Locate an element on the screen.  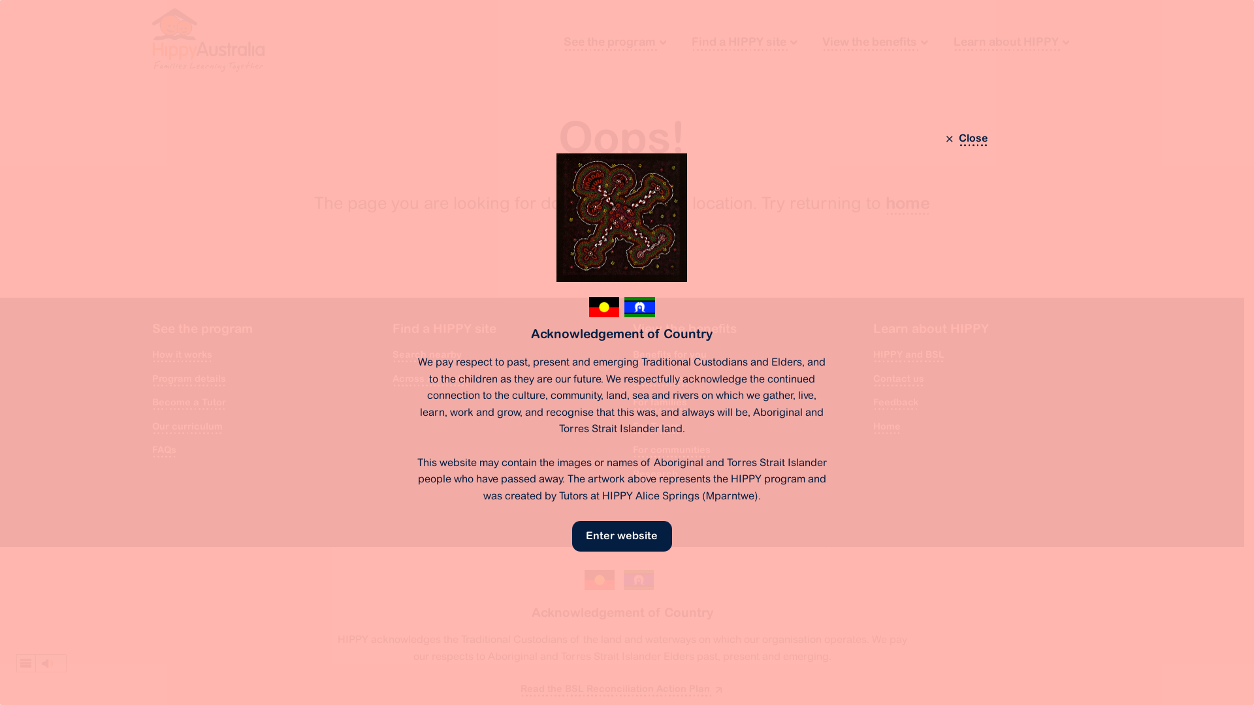
'Enter website' is located at coordinates (620, 536).